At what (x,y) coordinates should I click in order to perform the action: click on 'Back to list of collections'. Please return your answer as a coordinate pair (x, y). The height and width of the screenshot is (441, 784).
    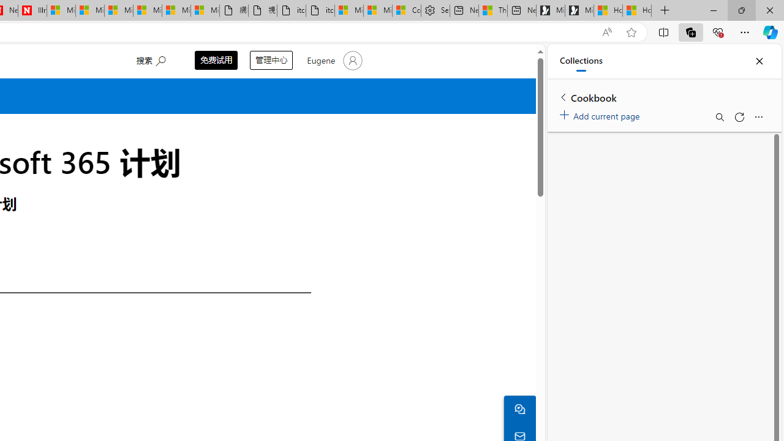
    Looking at the image, I should click on (563, 97).